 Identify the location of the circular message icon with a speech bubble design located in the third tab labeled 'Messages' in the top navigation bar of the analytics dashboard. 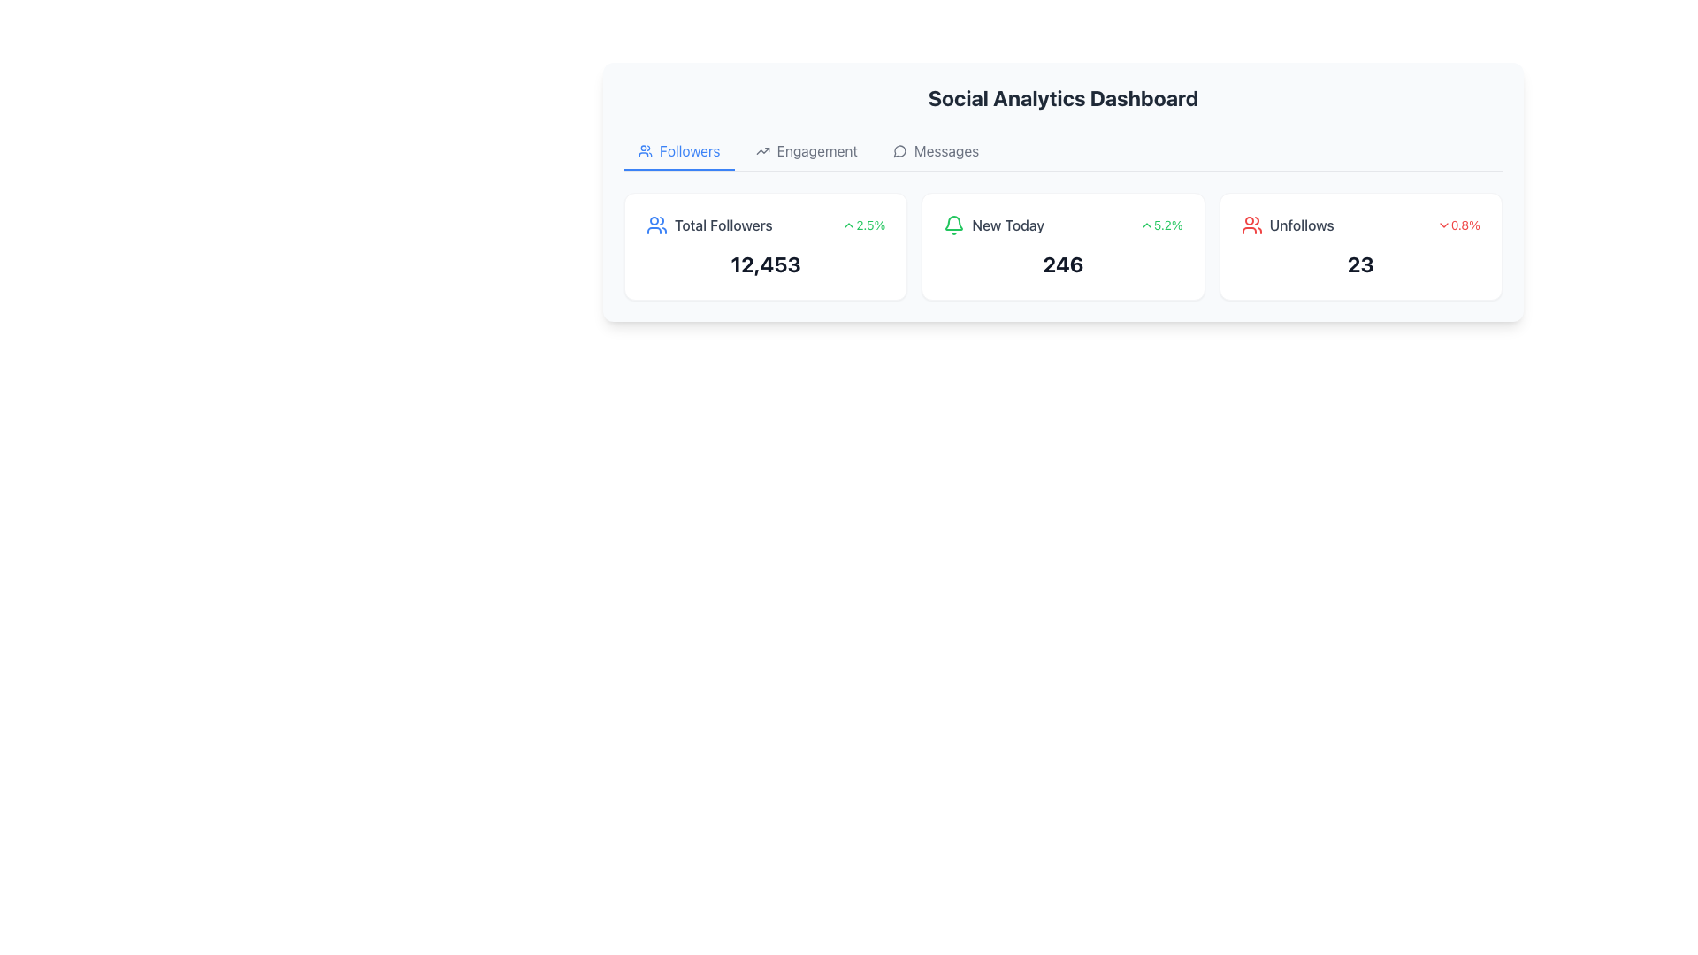
(899, 150).